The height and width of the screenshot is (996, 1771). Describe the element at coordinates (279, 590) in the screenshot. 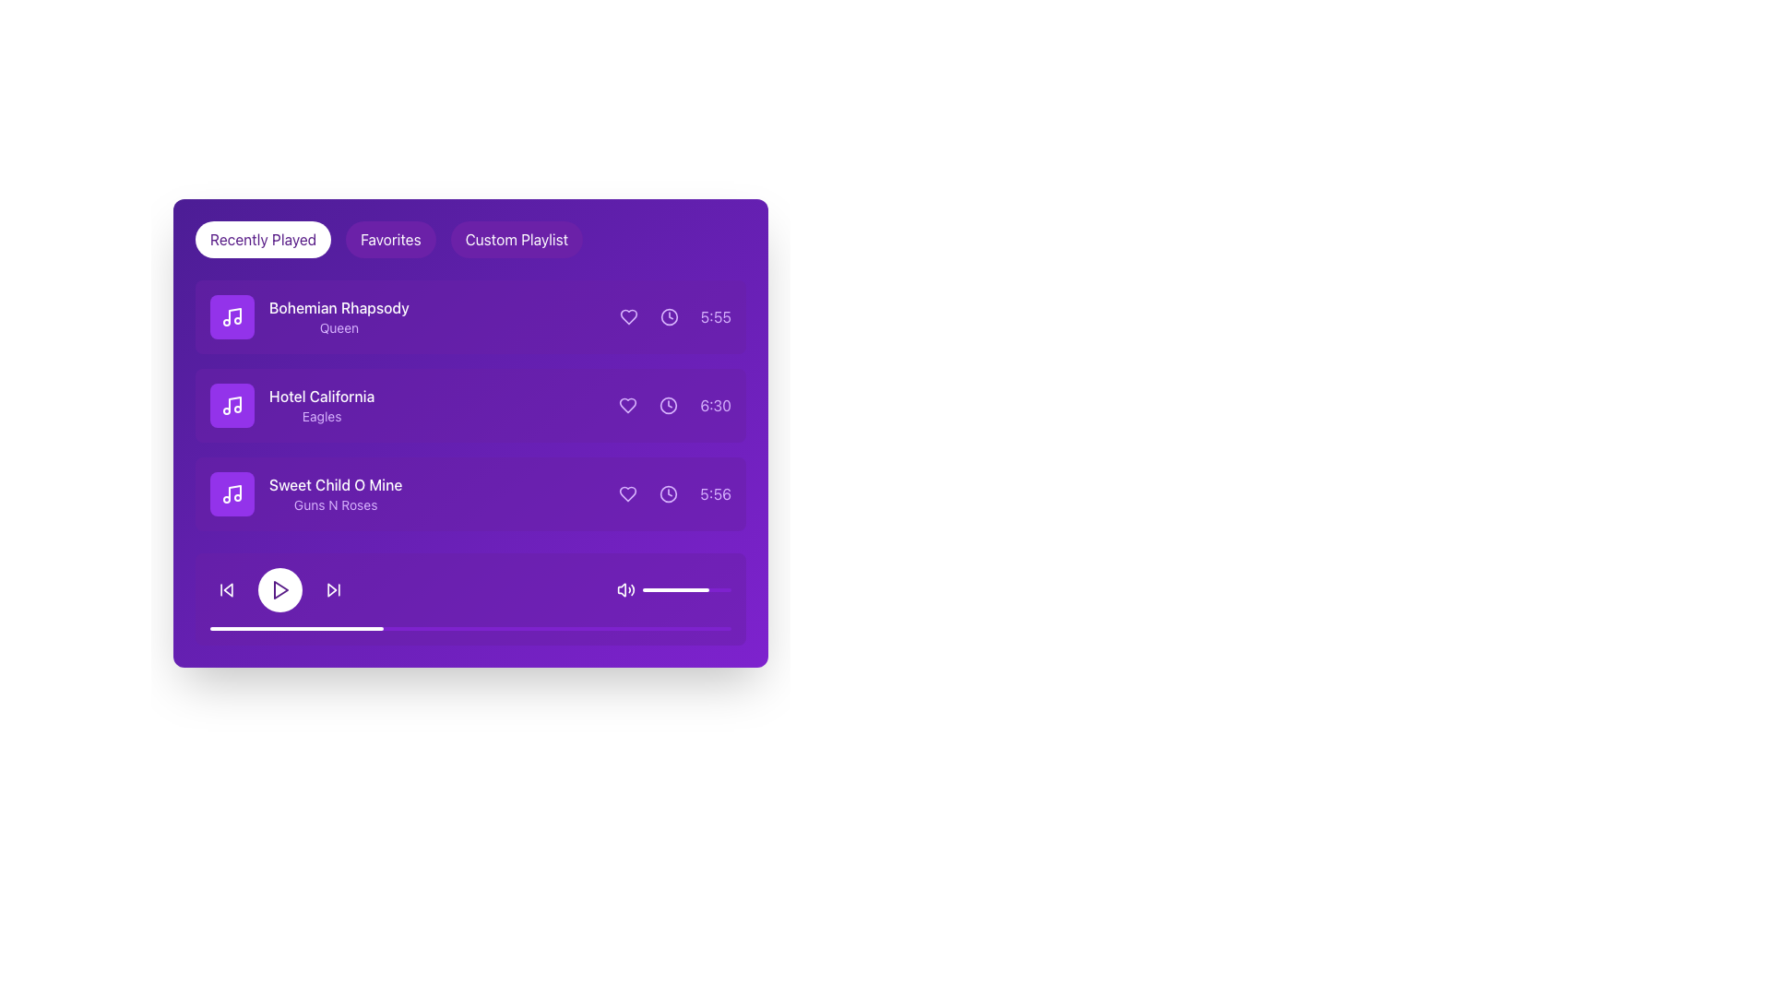

I see `the circular button with a white background and a purple triangular play icon to observe its hover effects` at that location.